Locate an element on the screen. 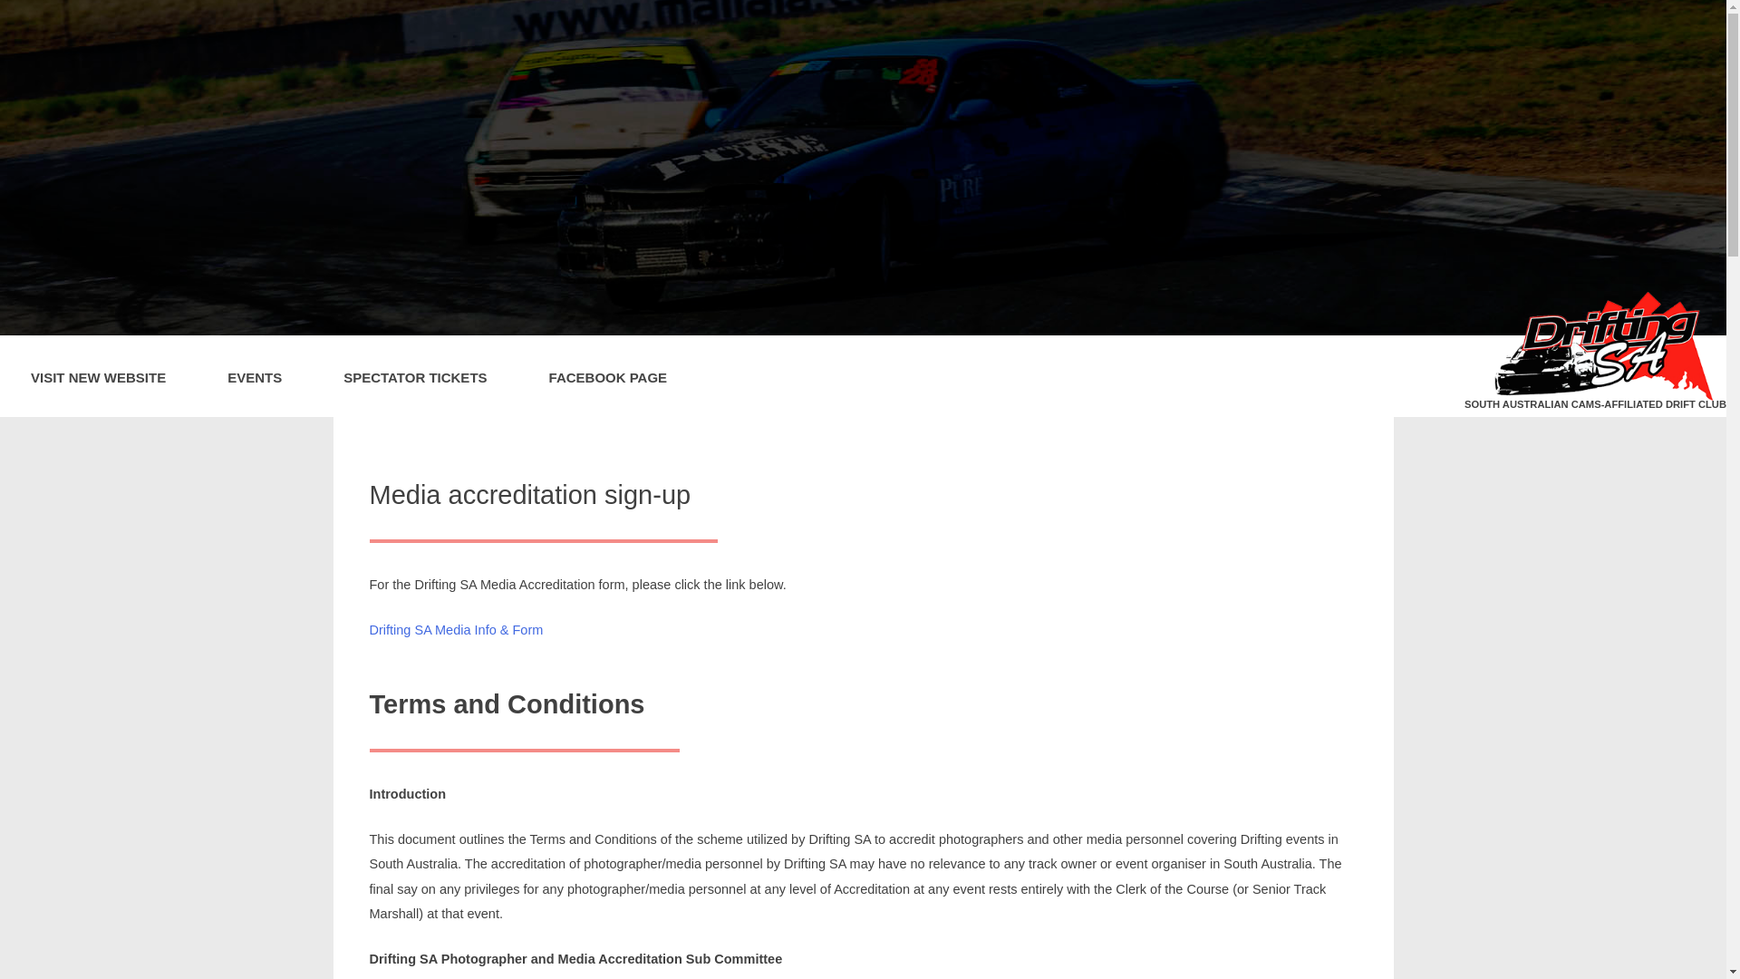  'EVENTS' is located at coordinates (254, 375).